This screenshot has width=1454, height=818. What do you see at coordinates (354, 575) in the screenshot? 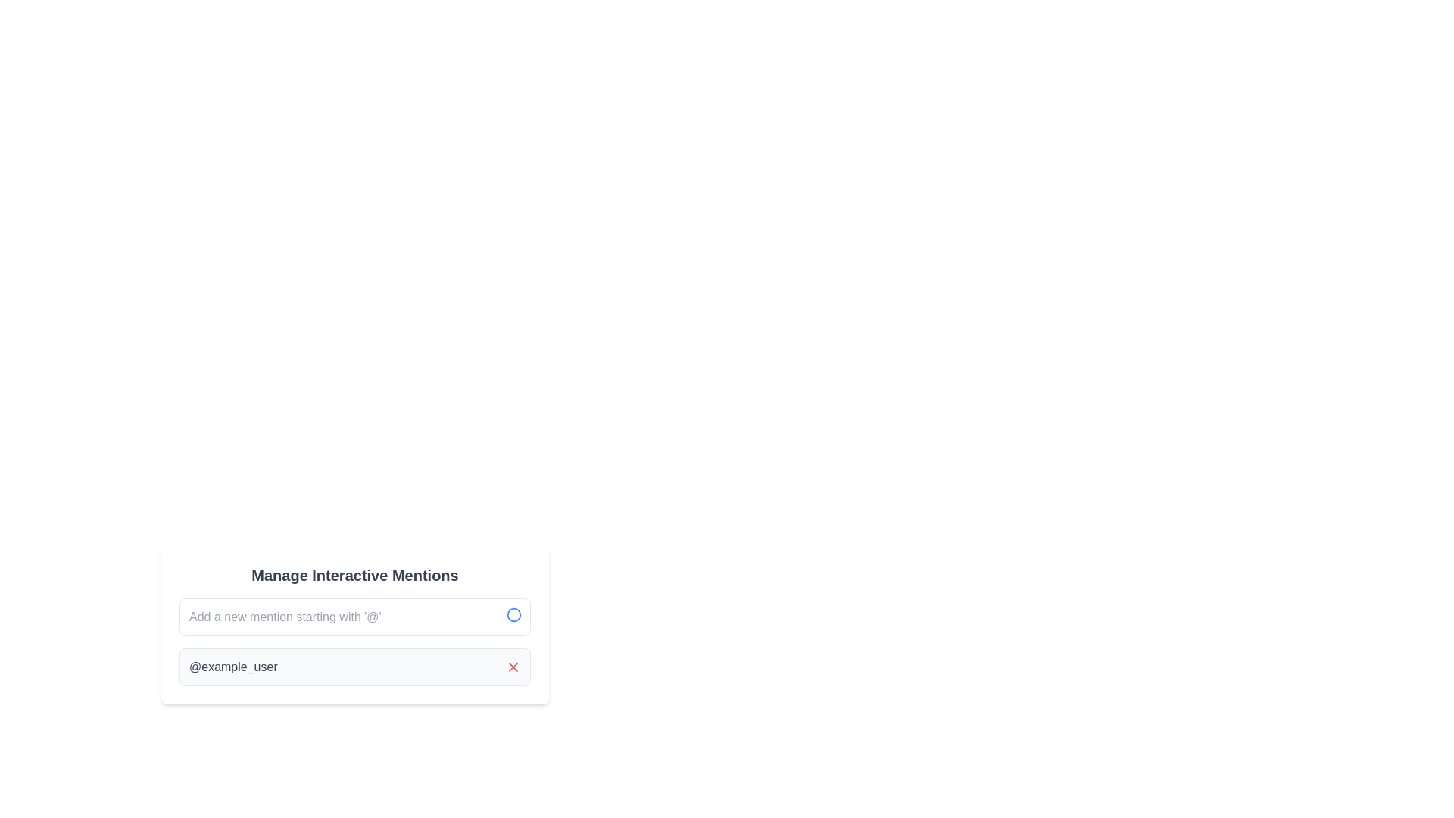
I see `the header text label located at the top of the white panel to use it as a reference point for locating other components` at bounding box center [354, 575].